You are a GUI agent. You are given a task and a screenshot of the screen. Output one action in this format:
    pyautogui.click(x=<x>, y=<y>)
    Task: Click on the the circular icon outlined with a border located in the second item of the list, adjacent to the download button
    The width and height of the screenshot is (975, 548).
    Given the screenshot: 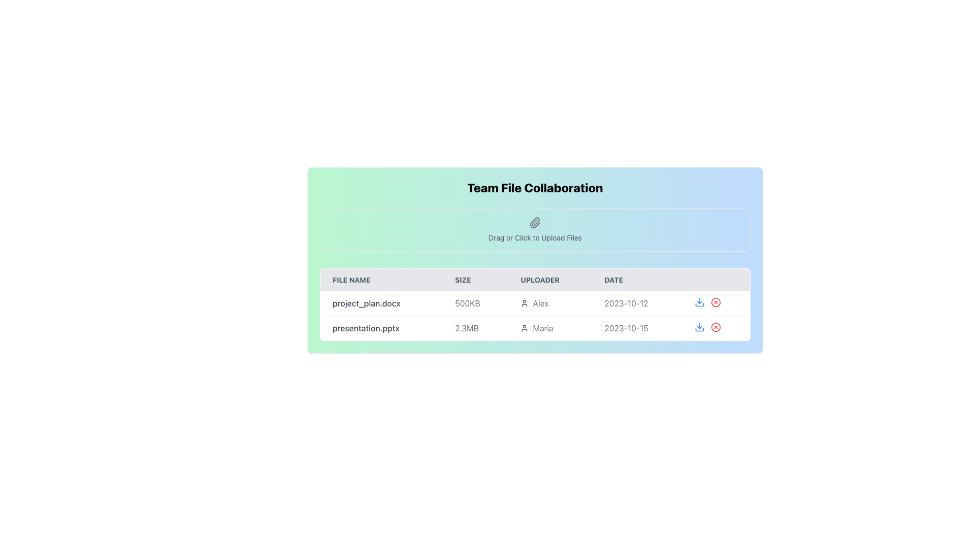 What is the action you would take?
    pyautogui.click(x=716, y=327)
    